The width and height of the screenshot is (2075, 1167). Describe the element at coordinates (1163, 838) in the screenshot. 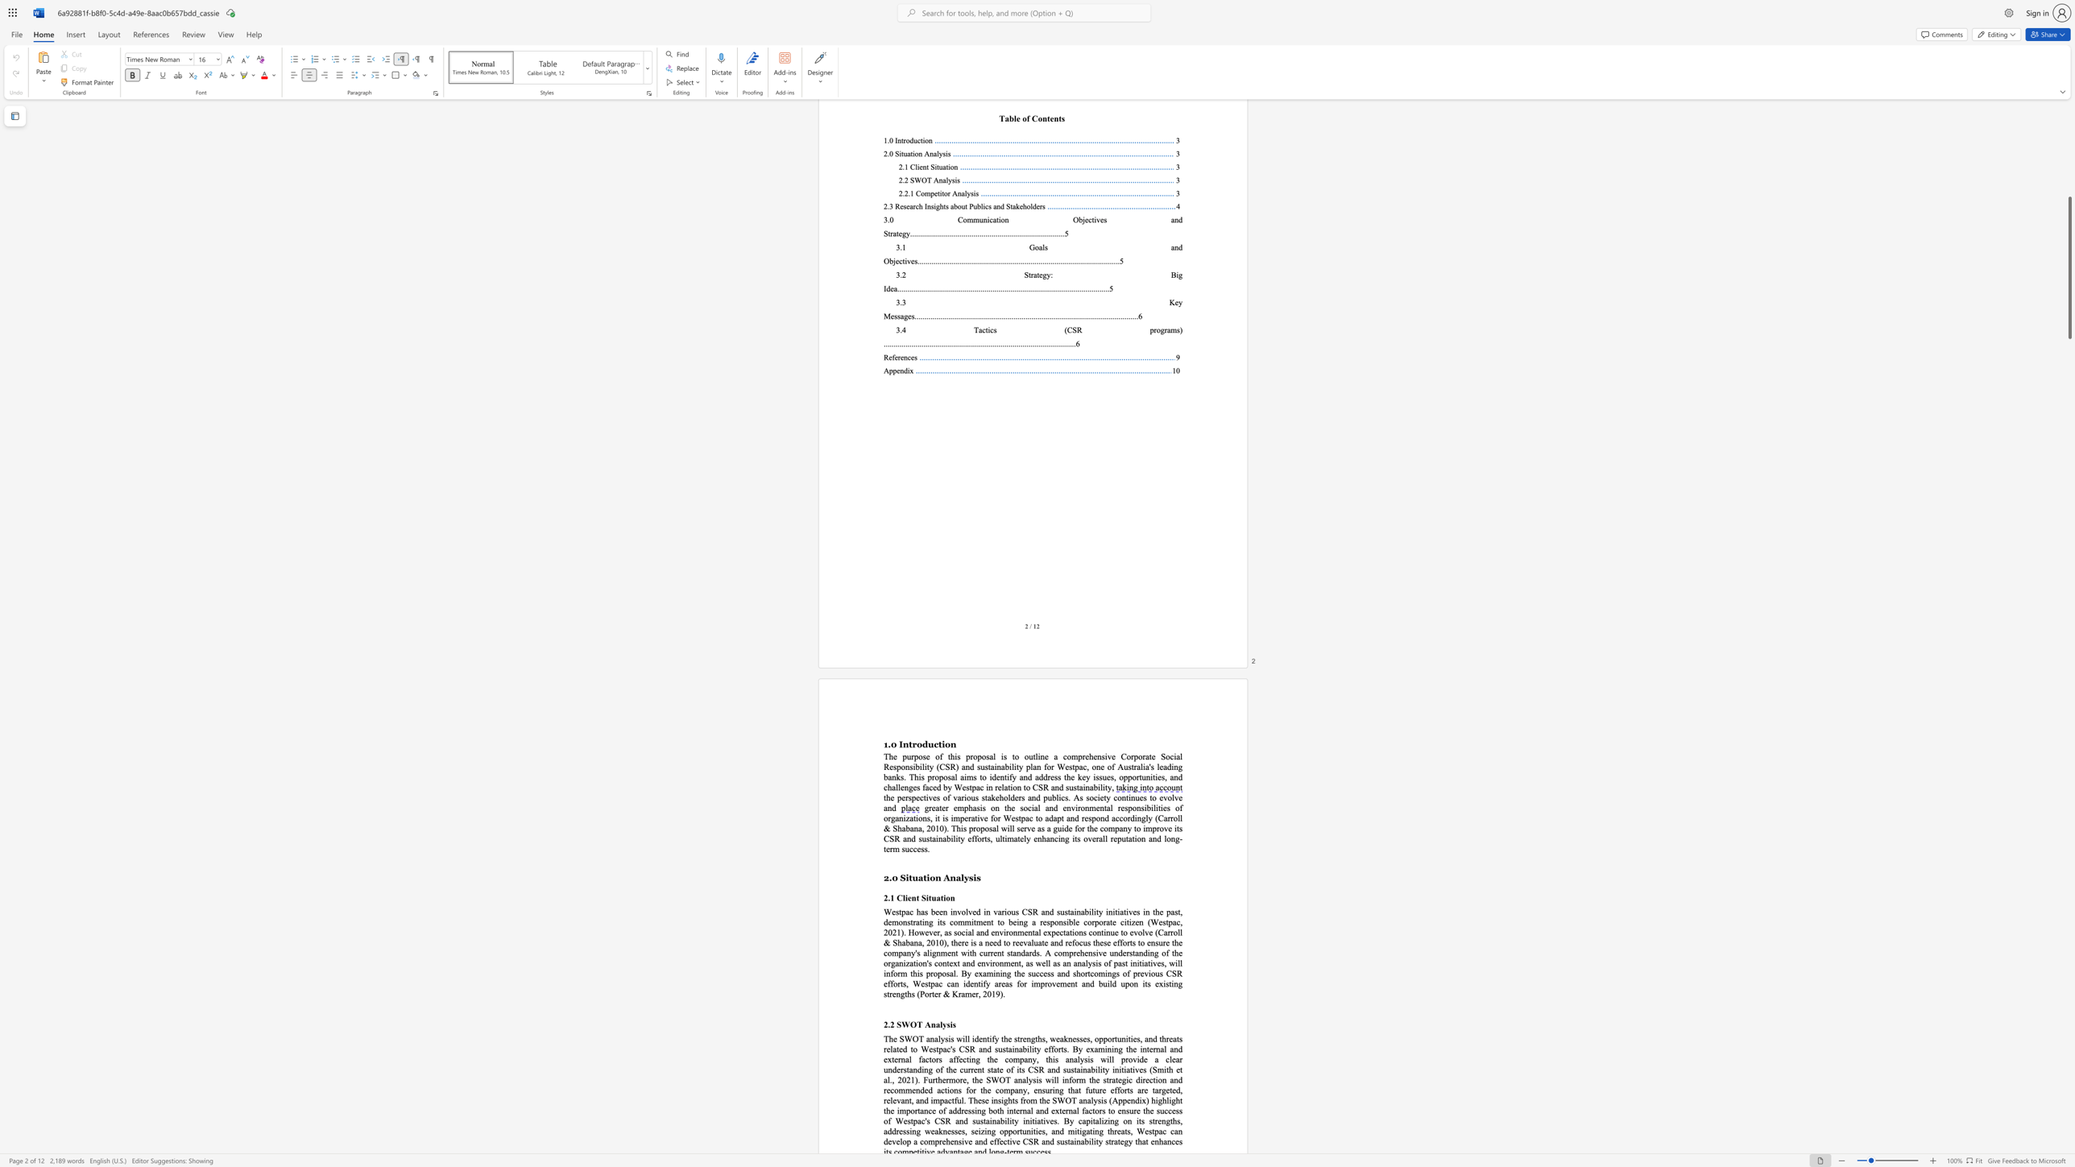

I see `the subset text "lon" within the text "its overall reputation and long-term success."` at that location.